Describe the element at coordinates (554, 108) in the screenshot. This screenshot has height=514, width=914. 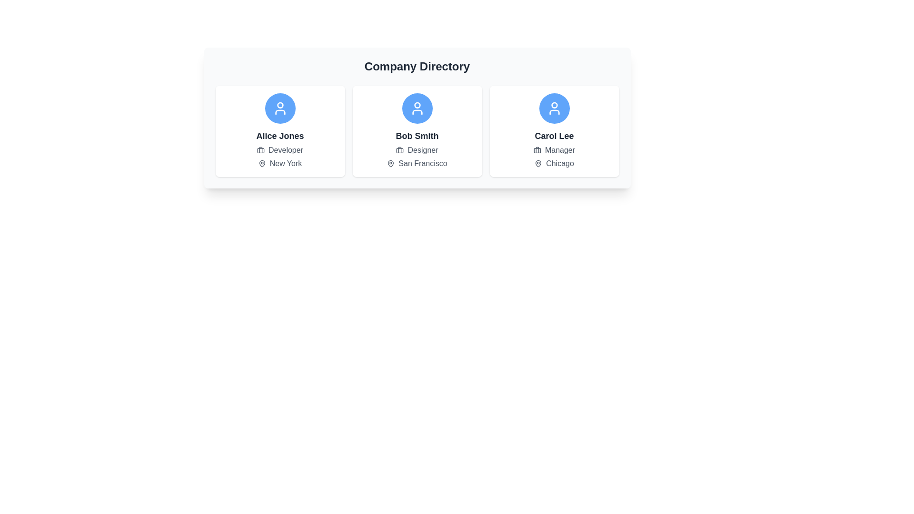
I see `the circular user profile icon with a blue background and white user figure, located at the top of the 'Carol Lee' card in the 'Company Directory'` at that location.